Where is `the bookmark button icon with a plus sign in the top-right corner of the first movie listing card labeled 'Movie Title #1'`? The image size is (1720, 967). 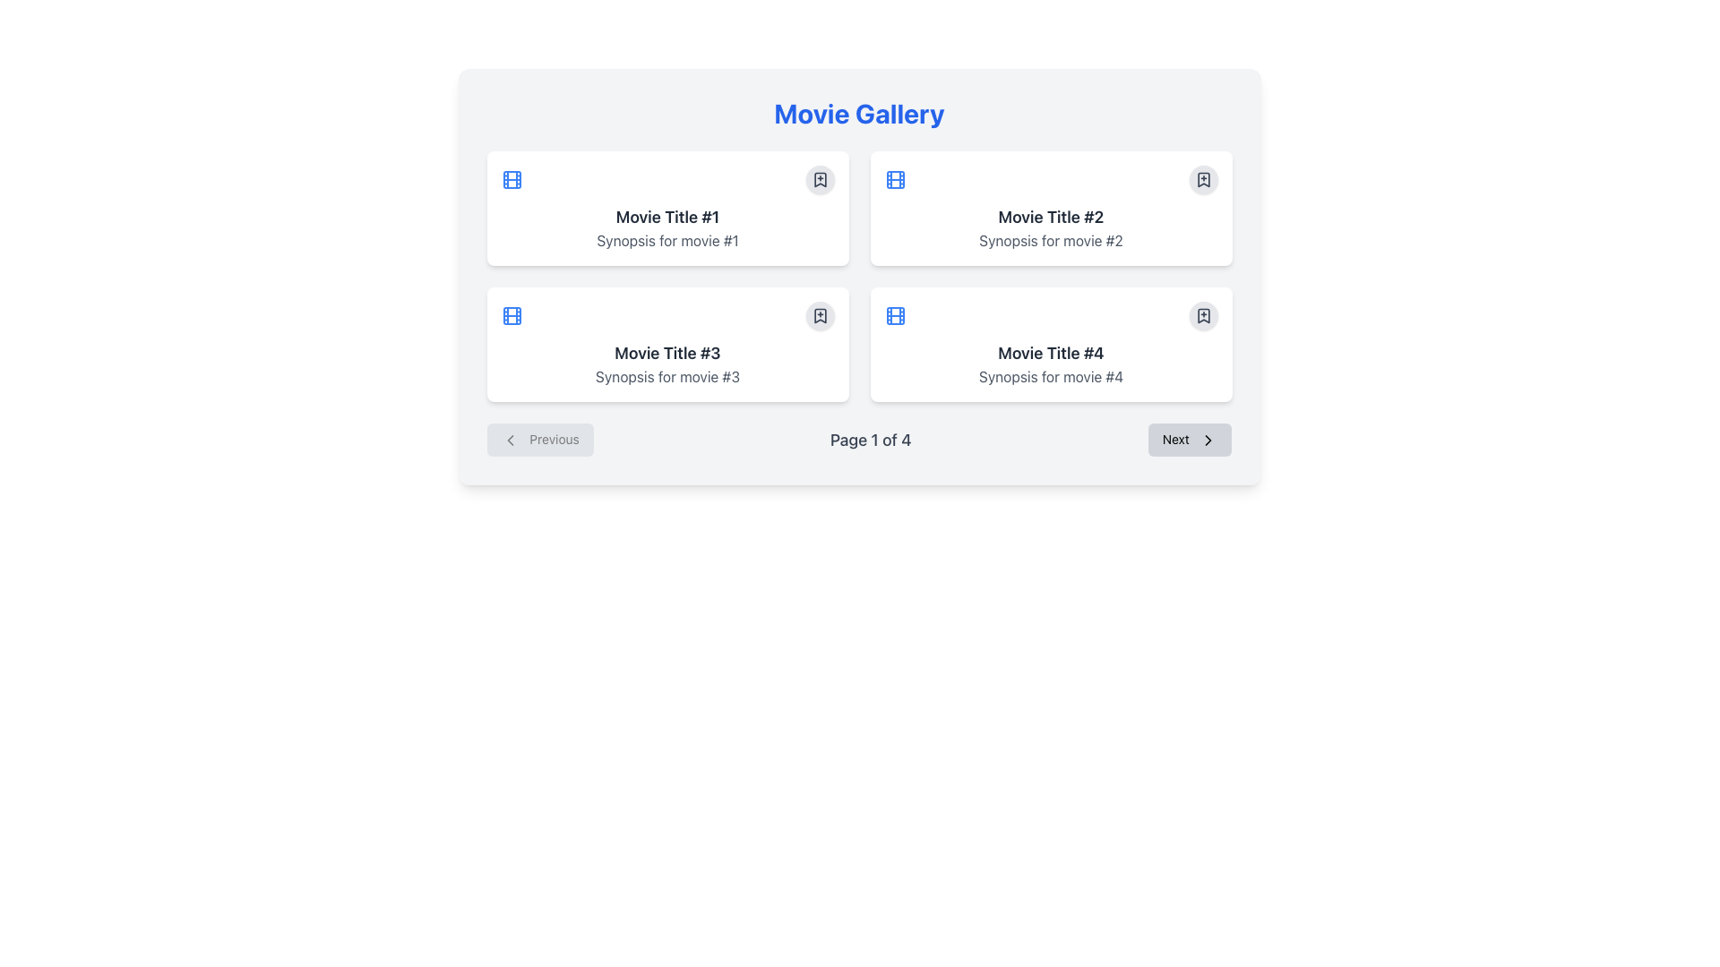 the bookmark button icon with a plus sign in the top-right corner of the first movie listing card labeled 'Movie Title #1' is located at coordinates (819, 179).